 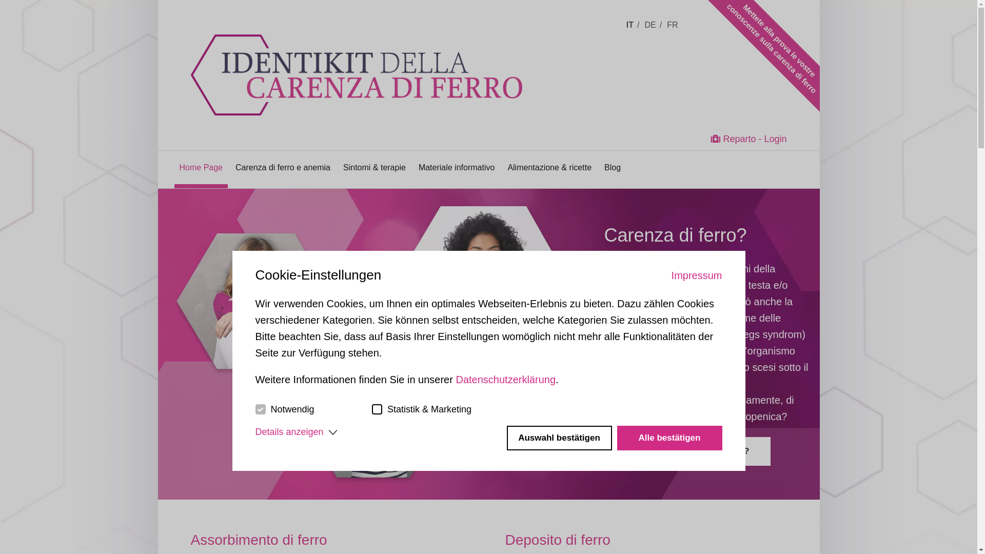 I want to click on 'Impressum', so click(x=697, y=274).